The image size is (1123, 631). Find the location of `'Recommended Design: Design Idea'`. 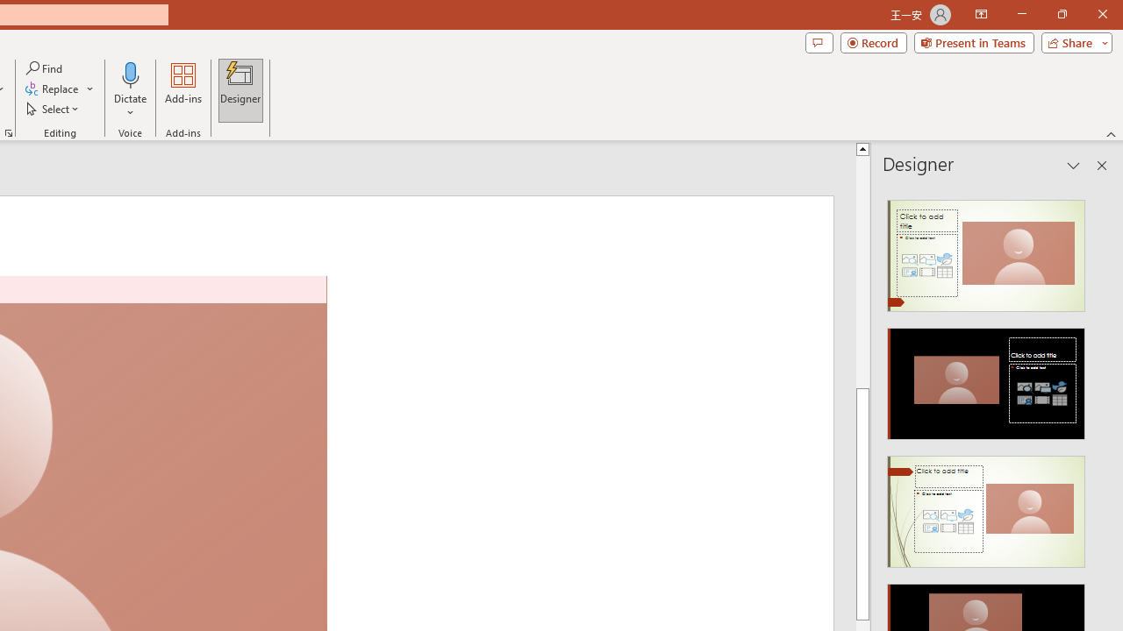

'Recommended Design: Design Idea' is located at coordinates (986, 251).